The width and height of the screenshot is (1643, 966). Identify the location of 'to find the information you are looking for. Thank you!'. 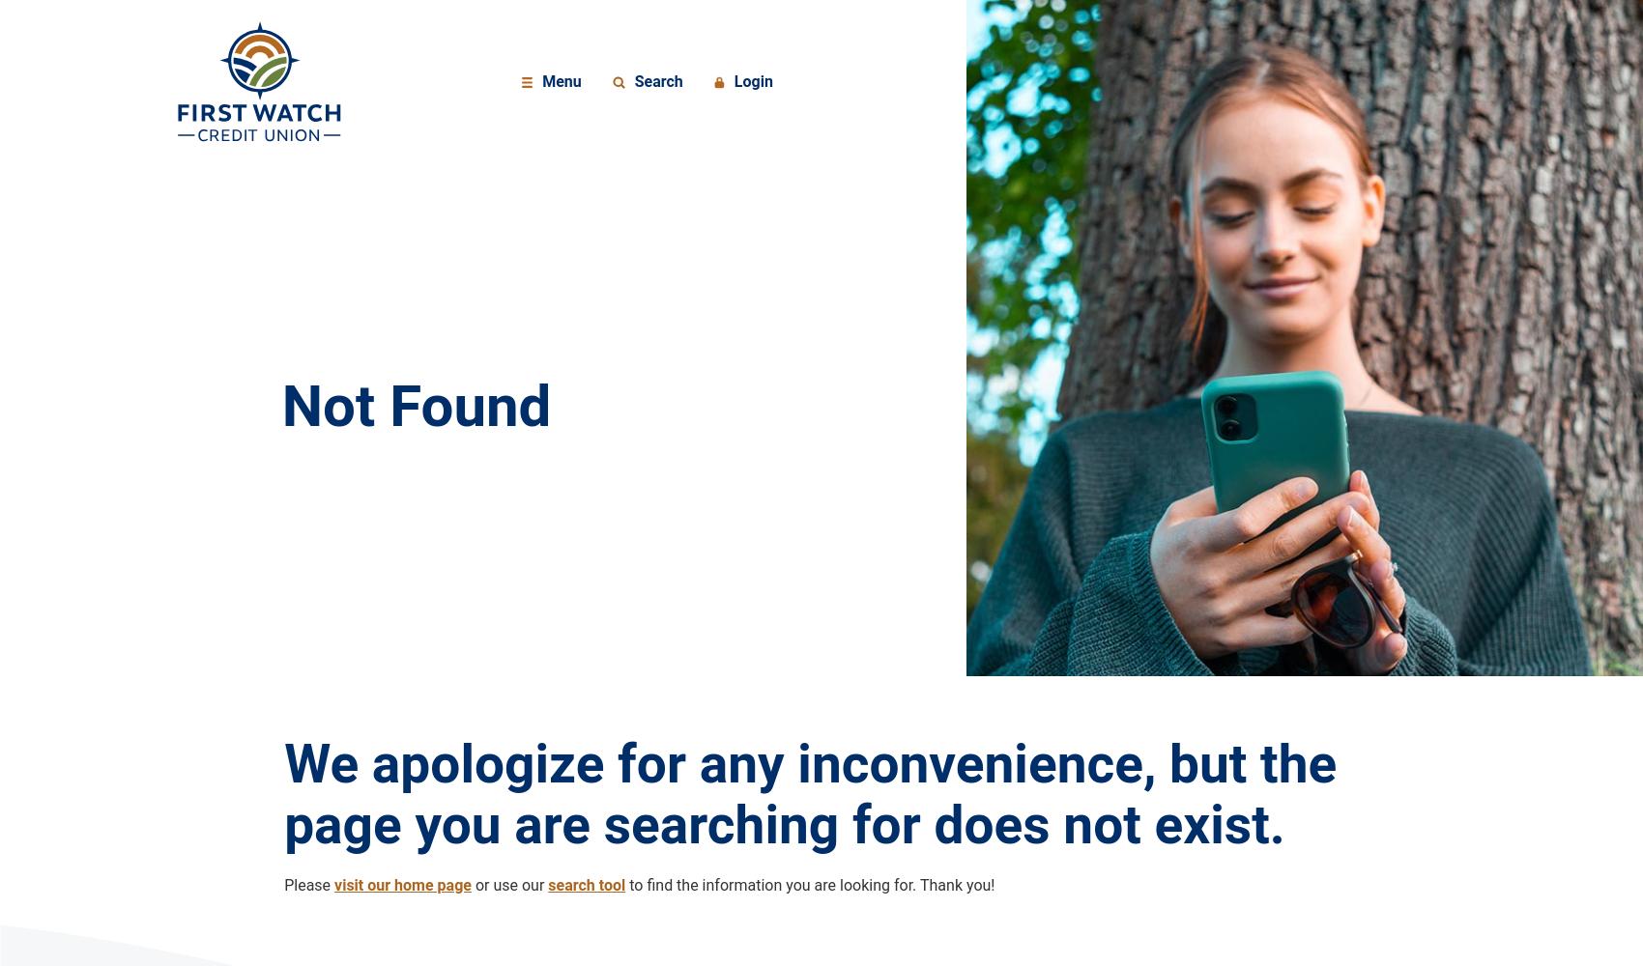
(808, 884).